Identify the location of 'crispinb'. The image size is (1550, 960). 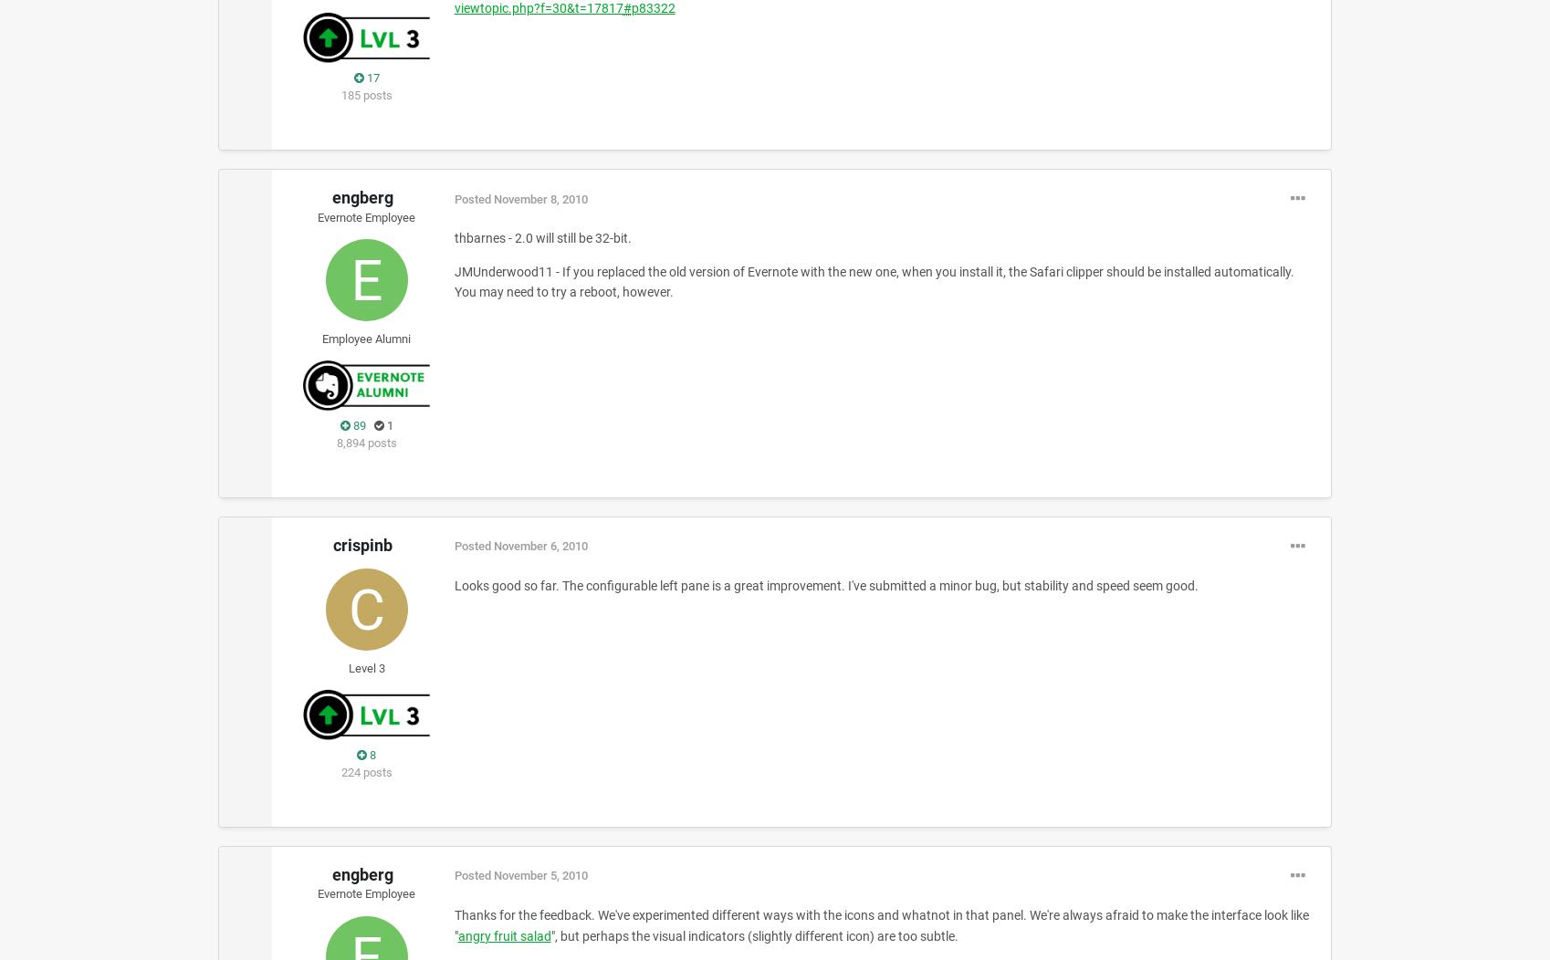
(362, 544).